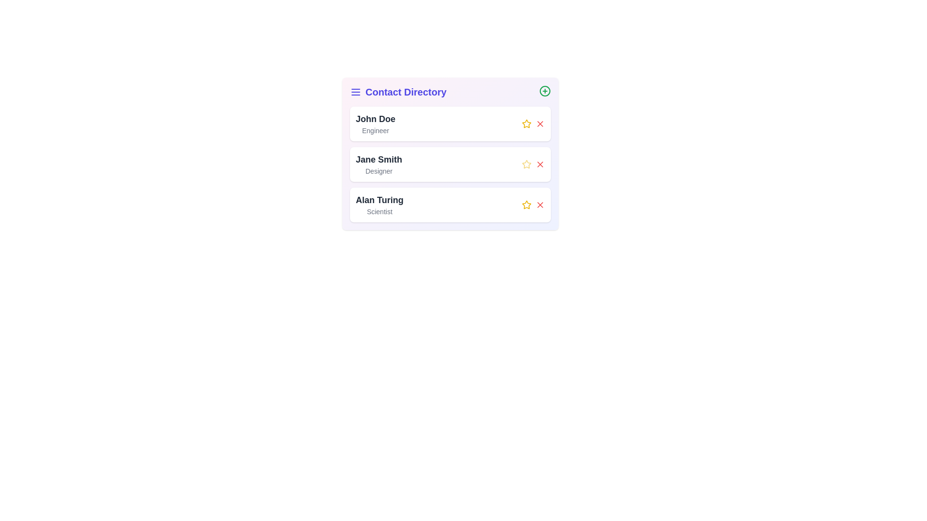 The height and width of the screenshot is (521, 927). I want to click on the remove button corresponding to the contact named John Doe, so click(539, 123).